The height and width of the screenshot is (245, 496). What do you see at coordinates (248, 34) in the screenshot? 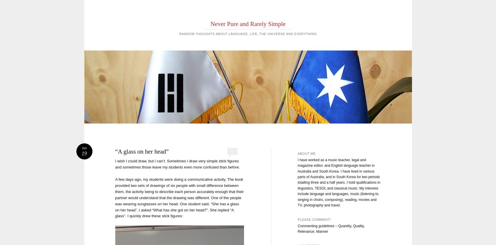
I see `'Random thoughts about language, life, the universe and everything'` at bounding box center [248, 34].